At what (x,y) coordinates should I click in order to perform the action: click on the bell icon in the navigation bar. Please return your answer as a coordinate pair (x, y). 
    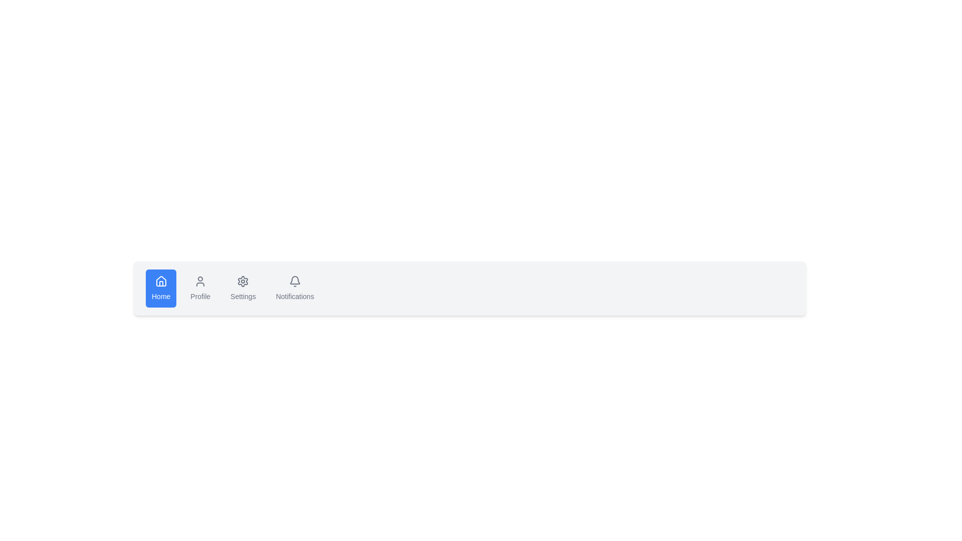
    Looking at the image, I should click on (294, 282).